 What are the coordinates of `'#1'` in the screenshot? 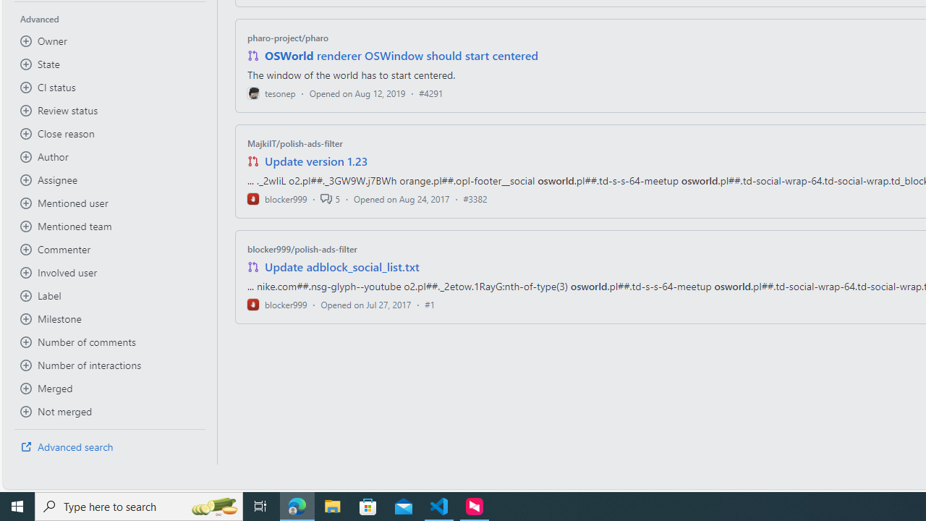 It's located at (429, 303).